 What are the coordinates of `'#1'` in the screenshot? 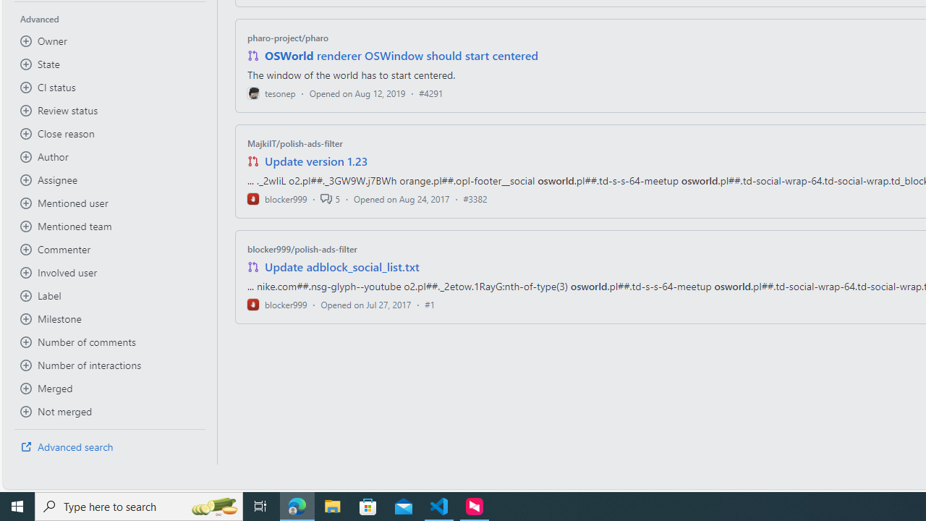 It's located at (429, 303).